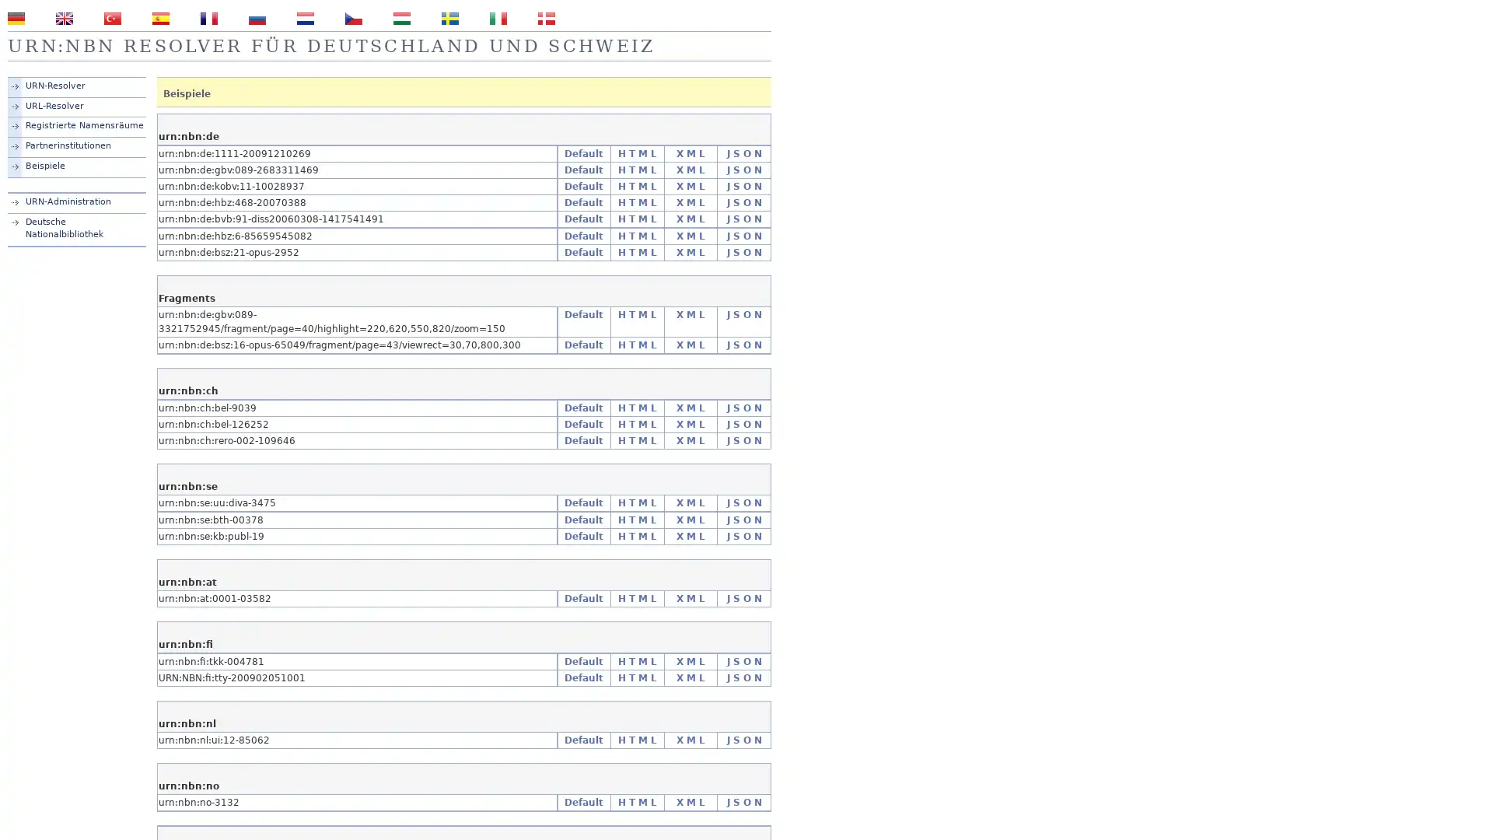  What do you see at coordinates (402, 18) in the screenshot?
I see `hu` at bounding box center [402, 18].